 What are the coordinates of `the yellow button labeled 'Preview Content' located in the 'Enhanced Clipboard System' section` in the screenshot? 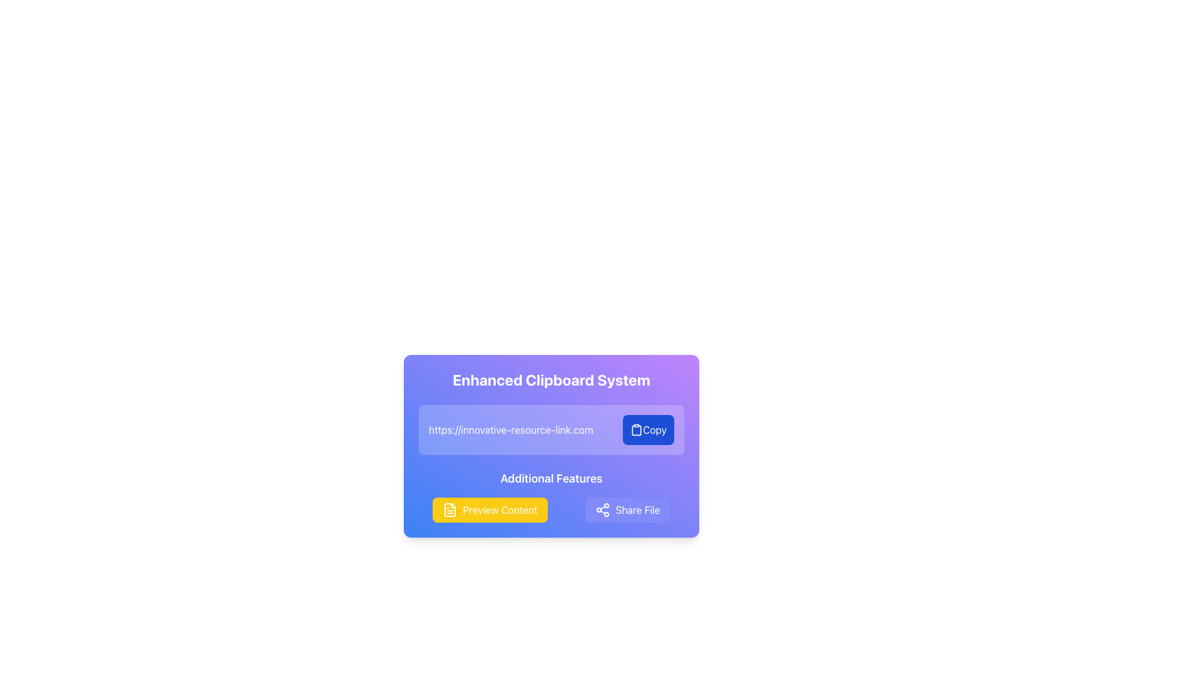 It's located at (489, 510).